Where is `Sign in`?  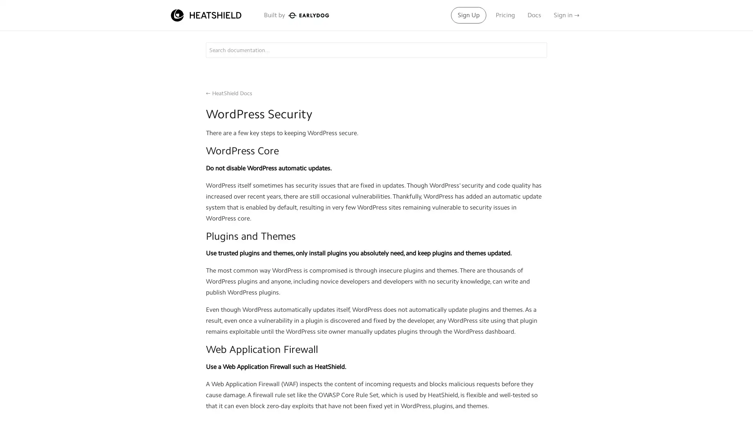 Sign in is located at coordinates (566, 15).